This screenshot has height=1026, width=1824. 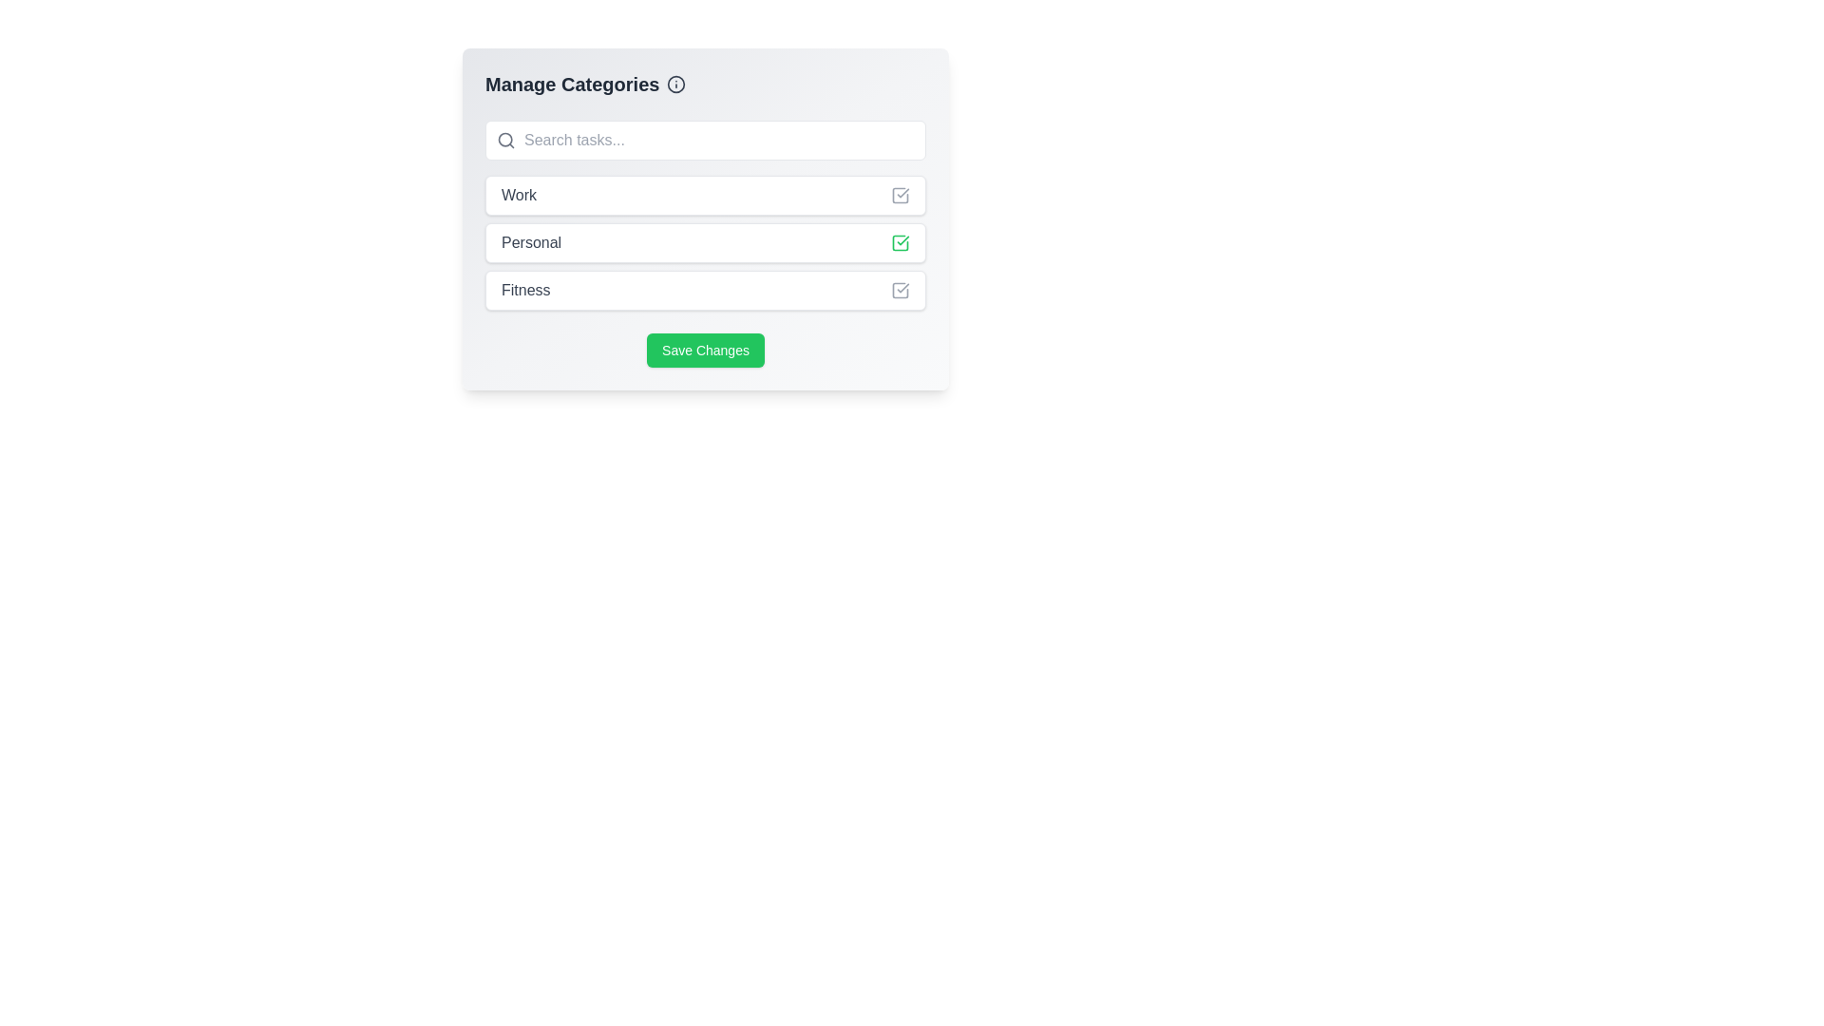 What do you see at coordinates (676, 83) in the screenshot?
I see `the Information icon button located at the right edge of the 'Manage Categories' header` at bounding box center [676, 83].